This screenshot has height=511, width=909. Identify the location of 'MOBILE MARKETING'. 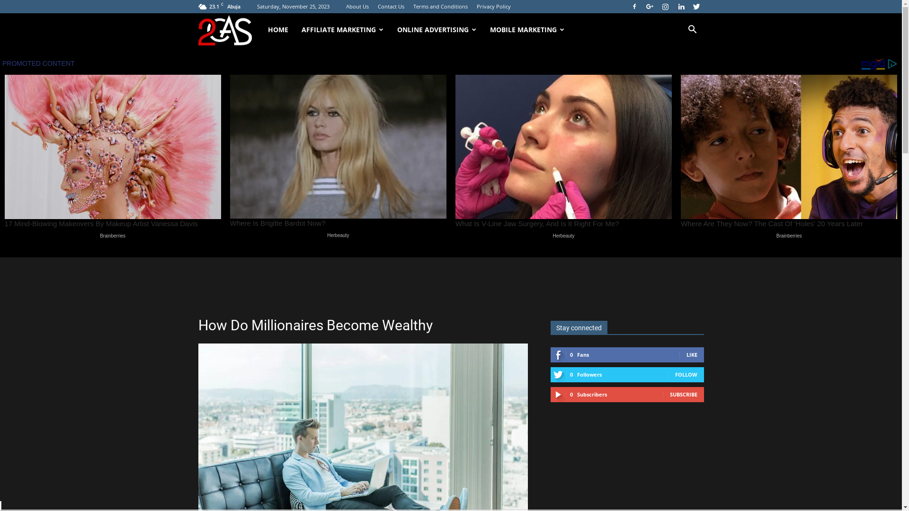
(483, 29).